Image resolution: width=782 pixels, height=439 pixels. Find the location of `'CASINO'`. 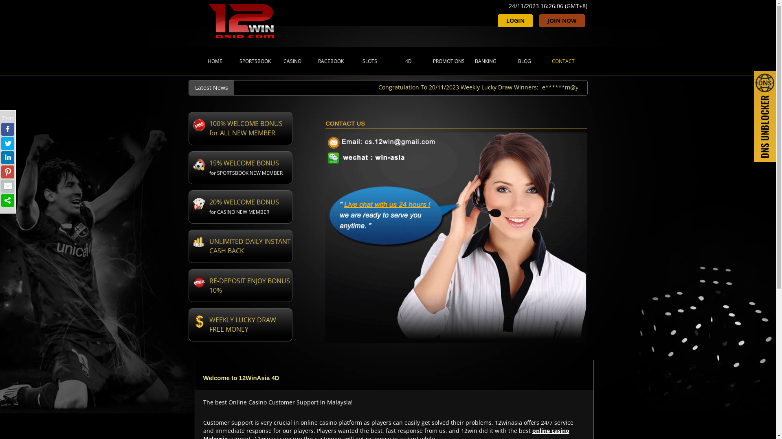

'CASINO' is located at coordinates (291, 61).